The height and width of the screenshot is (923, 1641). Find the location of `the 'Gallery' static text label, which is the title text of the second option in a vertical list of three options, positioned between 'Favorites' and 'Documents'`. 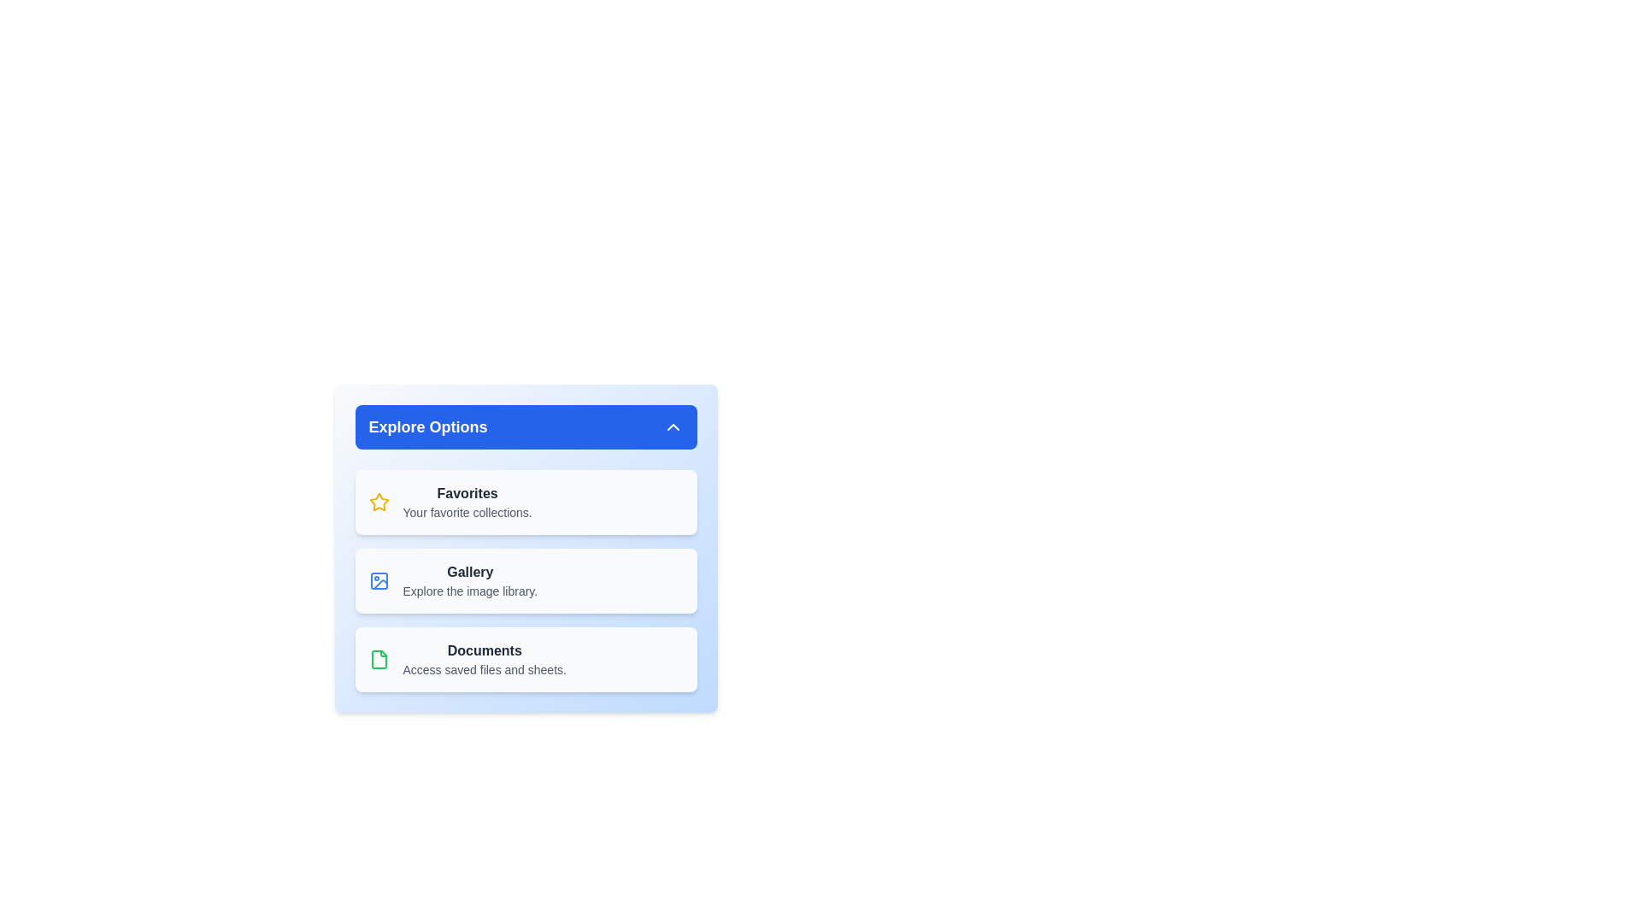

the 'Gallery' static text label, which is the title text of the second option in a vertical list of three options, positioned between 'Favorites' and 'Documents' is located at coordinates (470, 573).